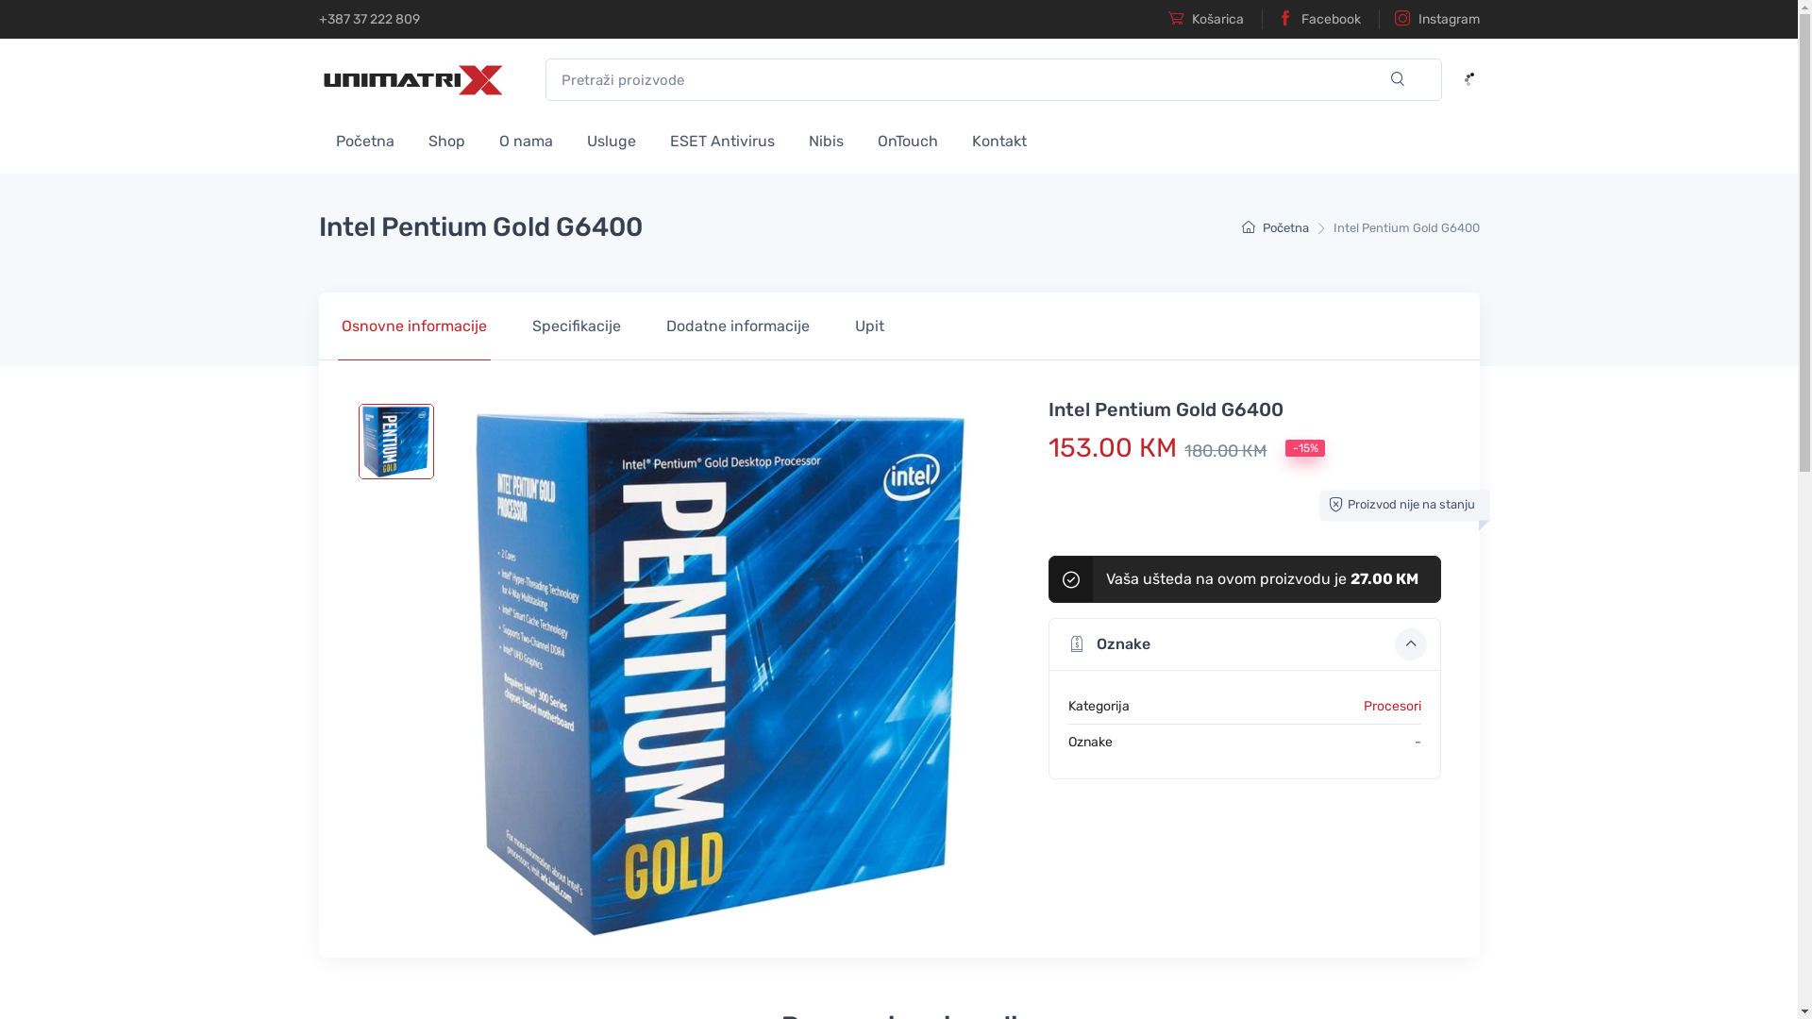  What do you see at coordinates (998, 138) in the screenshot?
I see `'Kontakt'` at bounding box center [998, 138].